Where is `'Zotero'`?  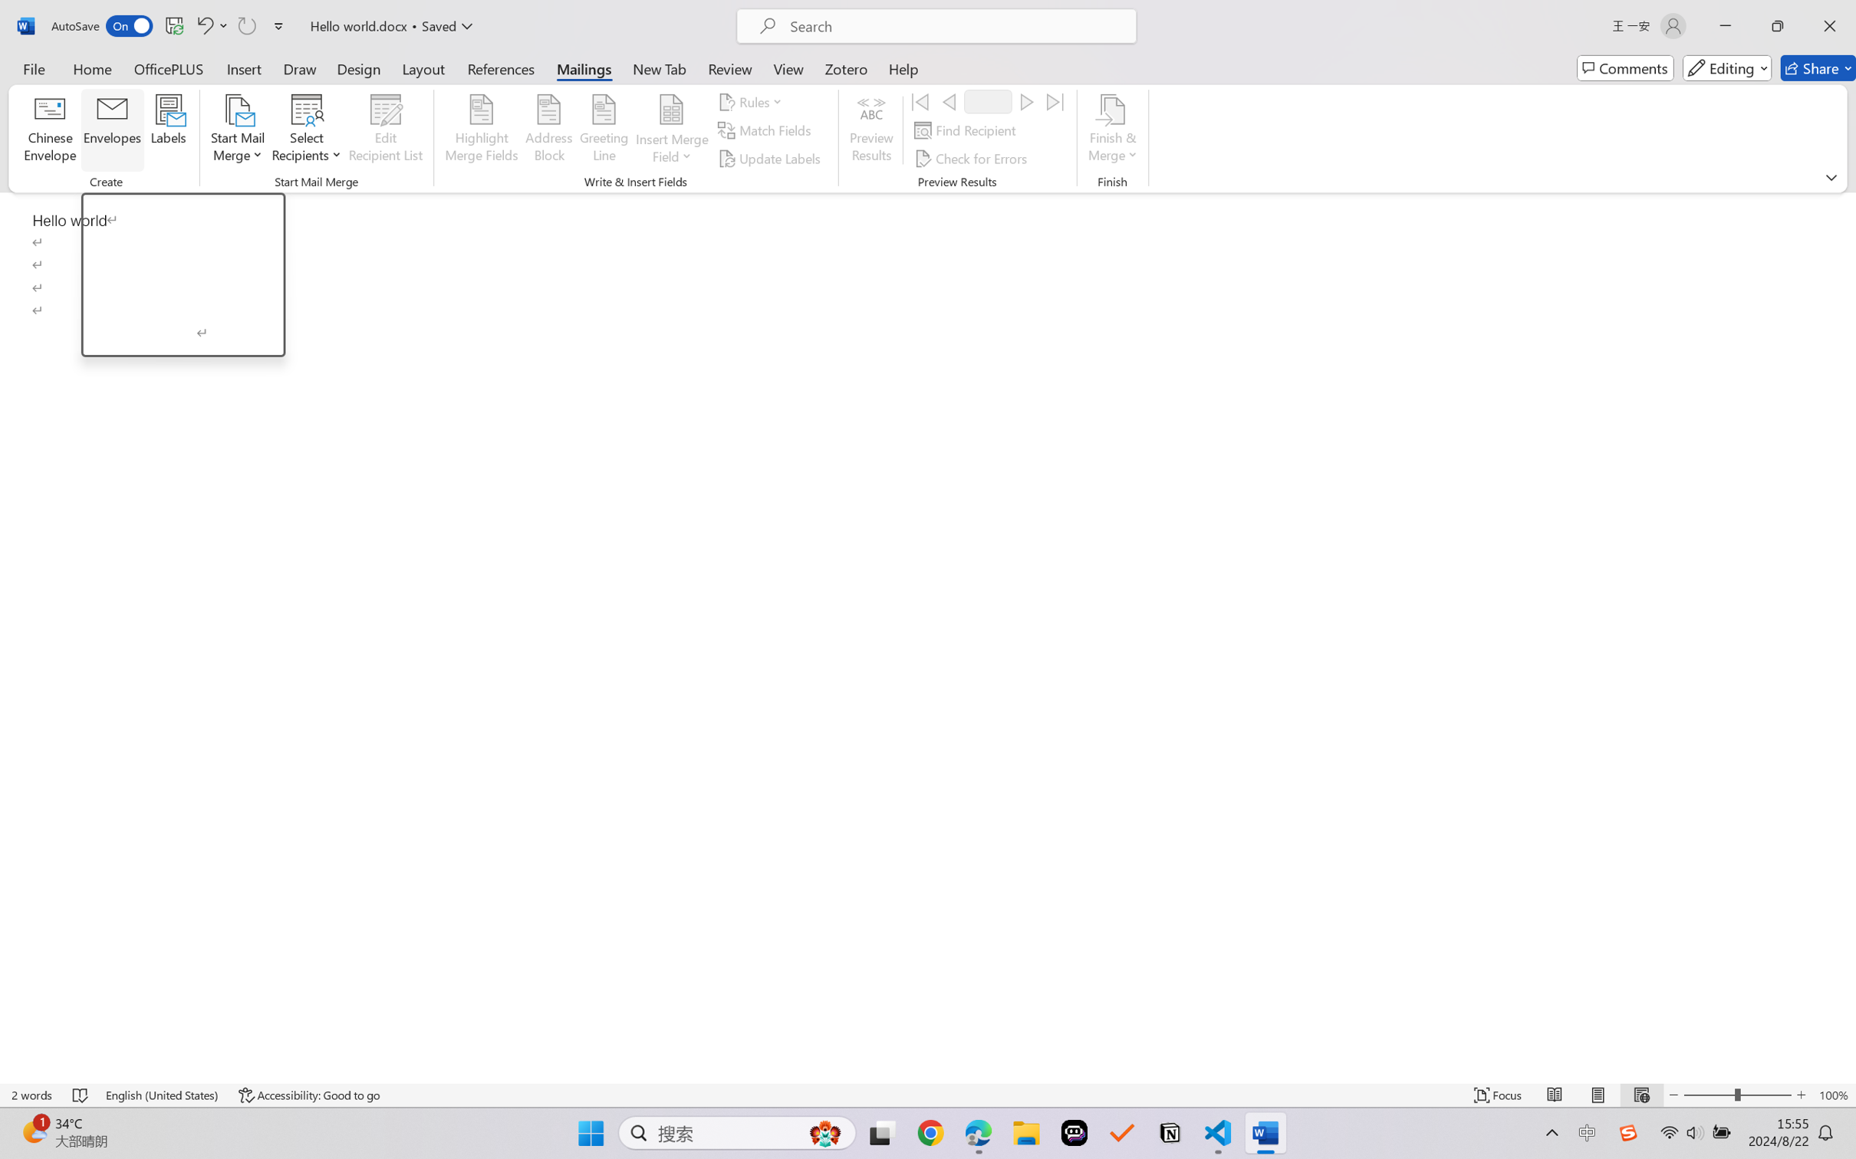
'Zotero' is located at coordinates (845, 67).